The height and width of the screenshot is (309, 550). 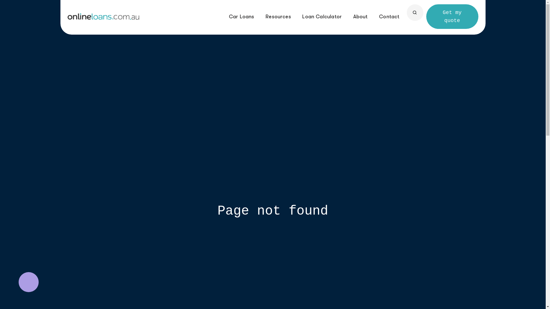 What do you see at coordinates (389, 16) in the screenshot?
I see `'Contact'` at bounding box center [389, 16].